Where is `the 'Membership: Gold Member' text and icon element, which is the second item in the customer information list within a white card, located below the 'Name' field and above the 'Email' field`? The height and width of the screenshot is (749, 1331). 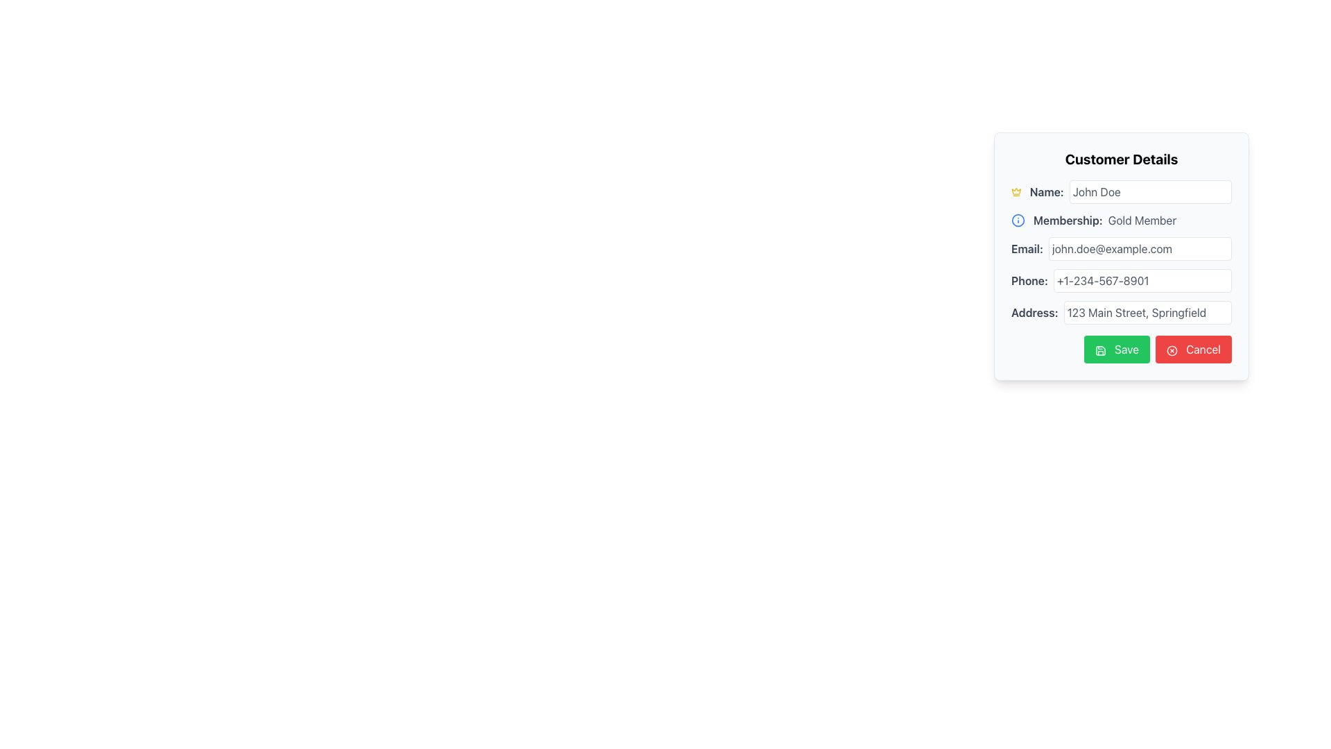 the 'Membership: Gold Member' text and icon element, which is the second item in the customer information list within a white card, located below the 'Name' field and above the 'Email' field is located at coordinates (1121, 219).